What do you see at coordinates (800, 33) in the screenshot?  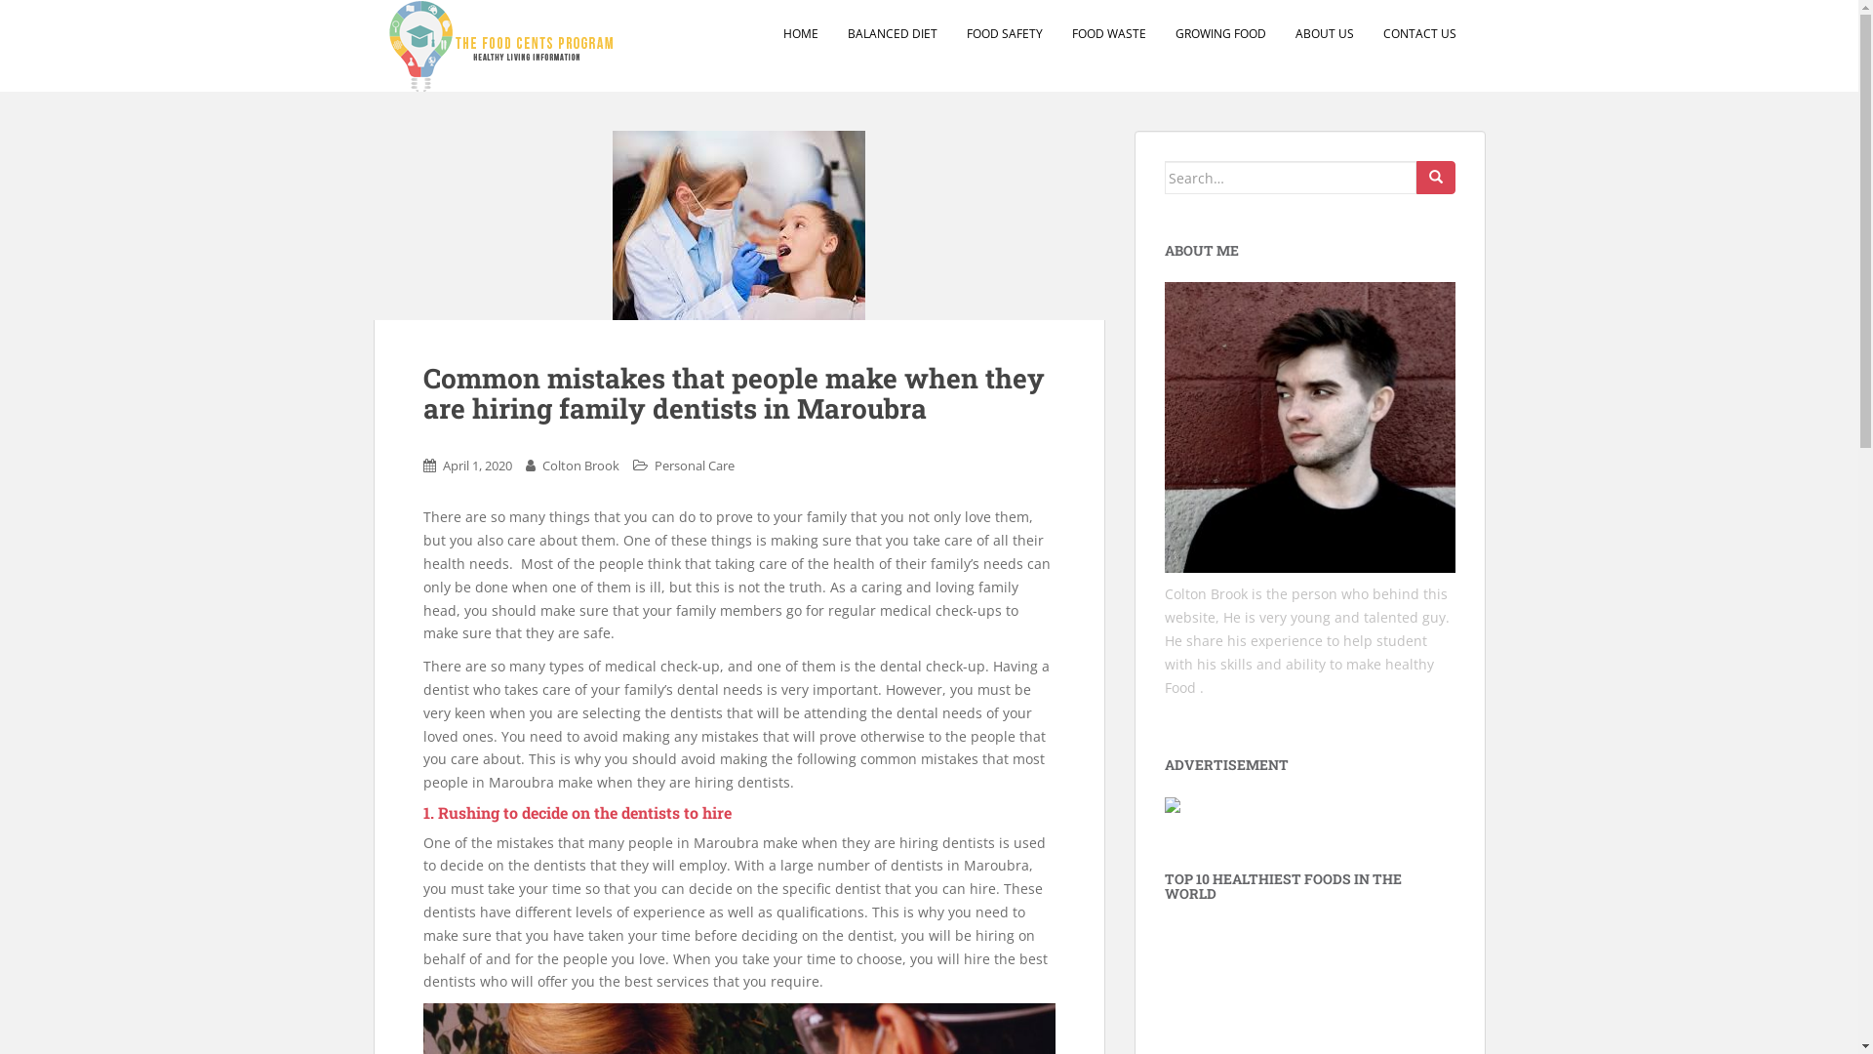 I see `'HOME'` at bounding box center [800, 33].